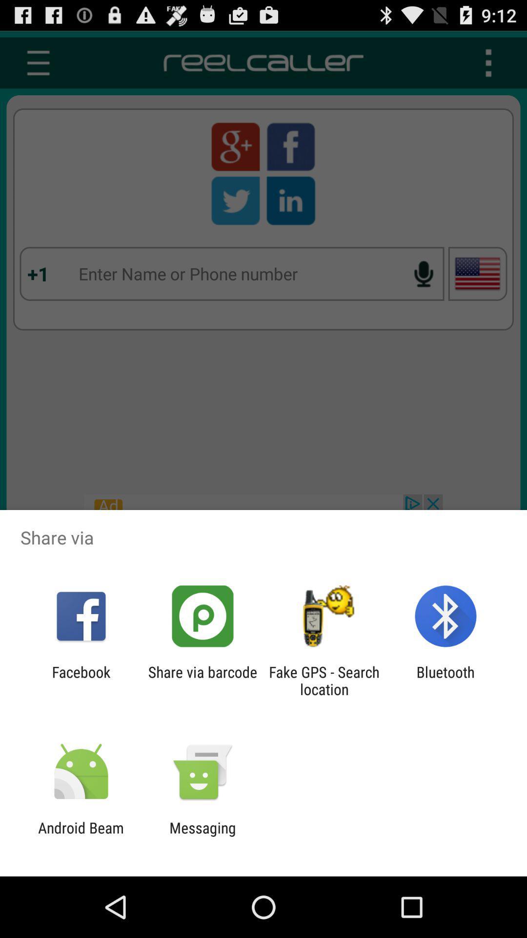  I want to click on icon next to bluetooth, so click(324, 680).